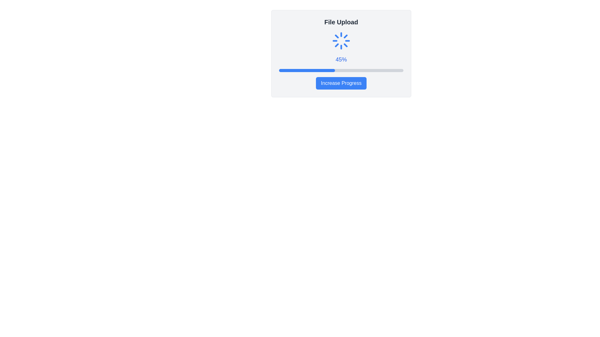 This screenshot has height=337, width=600. What do you see at coordinates (341, 53) in the screenshot?
I see `the spinning loader animation in the progress tracker labeled 'File Upload' to confirm activity` at bounding box center [341, 53].